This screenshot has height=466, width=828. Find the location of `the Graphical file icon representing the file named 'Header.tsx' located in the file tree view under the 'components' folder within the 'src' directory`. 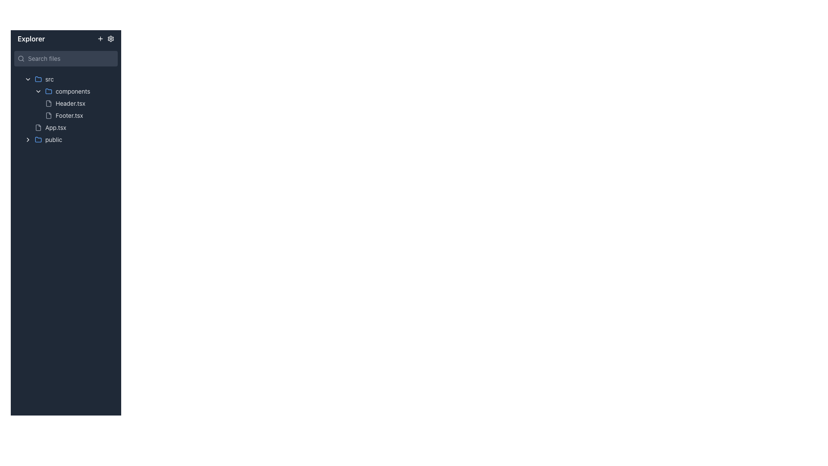

the Graphical file icon representing the file named 'Header.tsx' located in the file tree view under the 'components' folder within the 'src' directory is located at coordinates (48, 103).